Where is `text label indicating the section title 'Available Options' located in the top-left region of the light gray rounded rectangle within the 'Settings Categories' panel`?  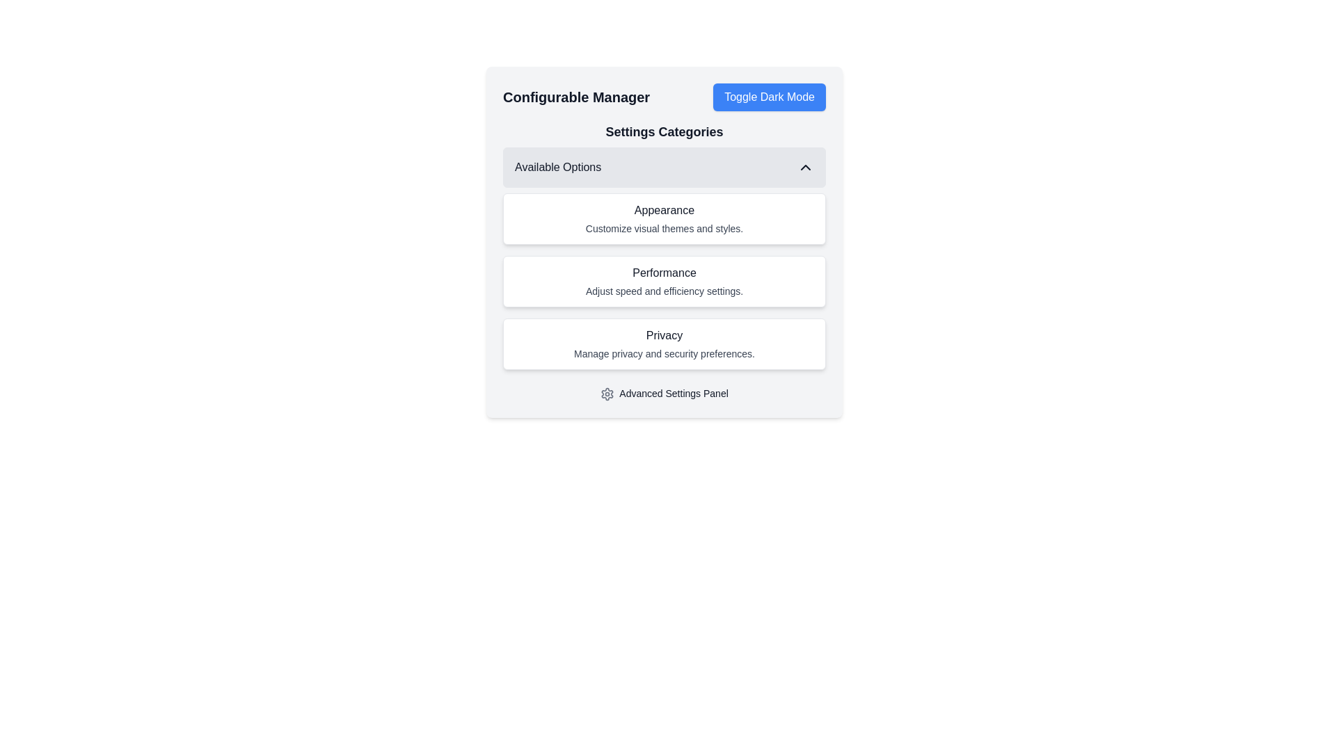 text label indicating the section title 'Available Options' located in the top-left region of the light gray rounded rectangle within the 'Settings Categories' panel is located at coordinates (558, 166).